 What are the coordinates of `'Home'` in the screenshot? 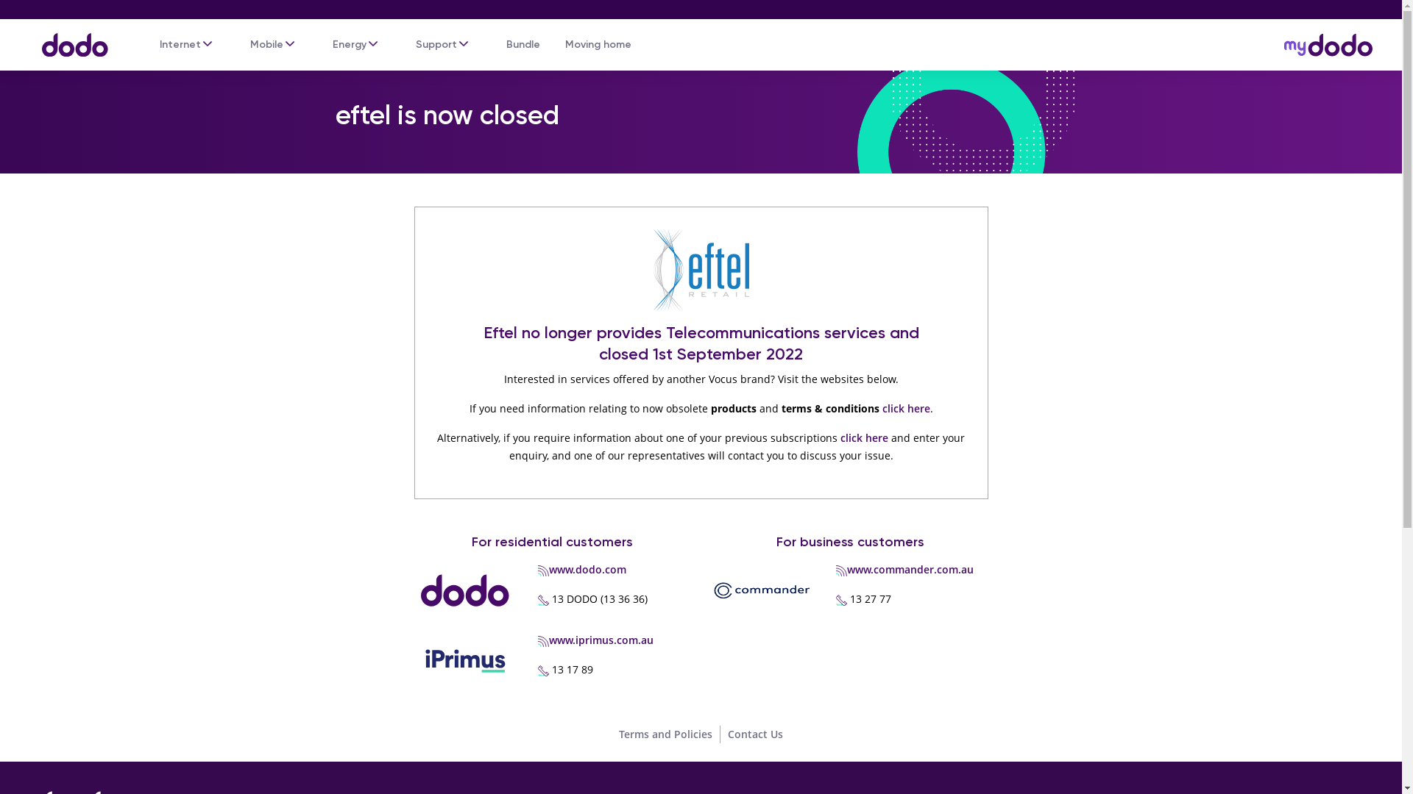 It's located at (26, 37).